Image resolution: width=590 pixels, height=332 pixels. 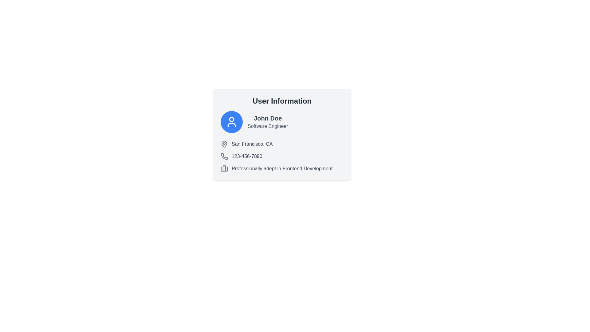 I want to click on the gray briefcase icon located to the left of the text 'Professionally adept in Frontend Development', so click(x=224, y=168).